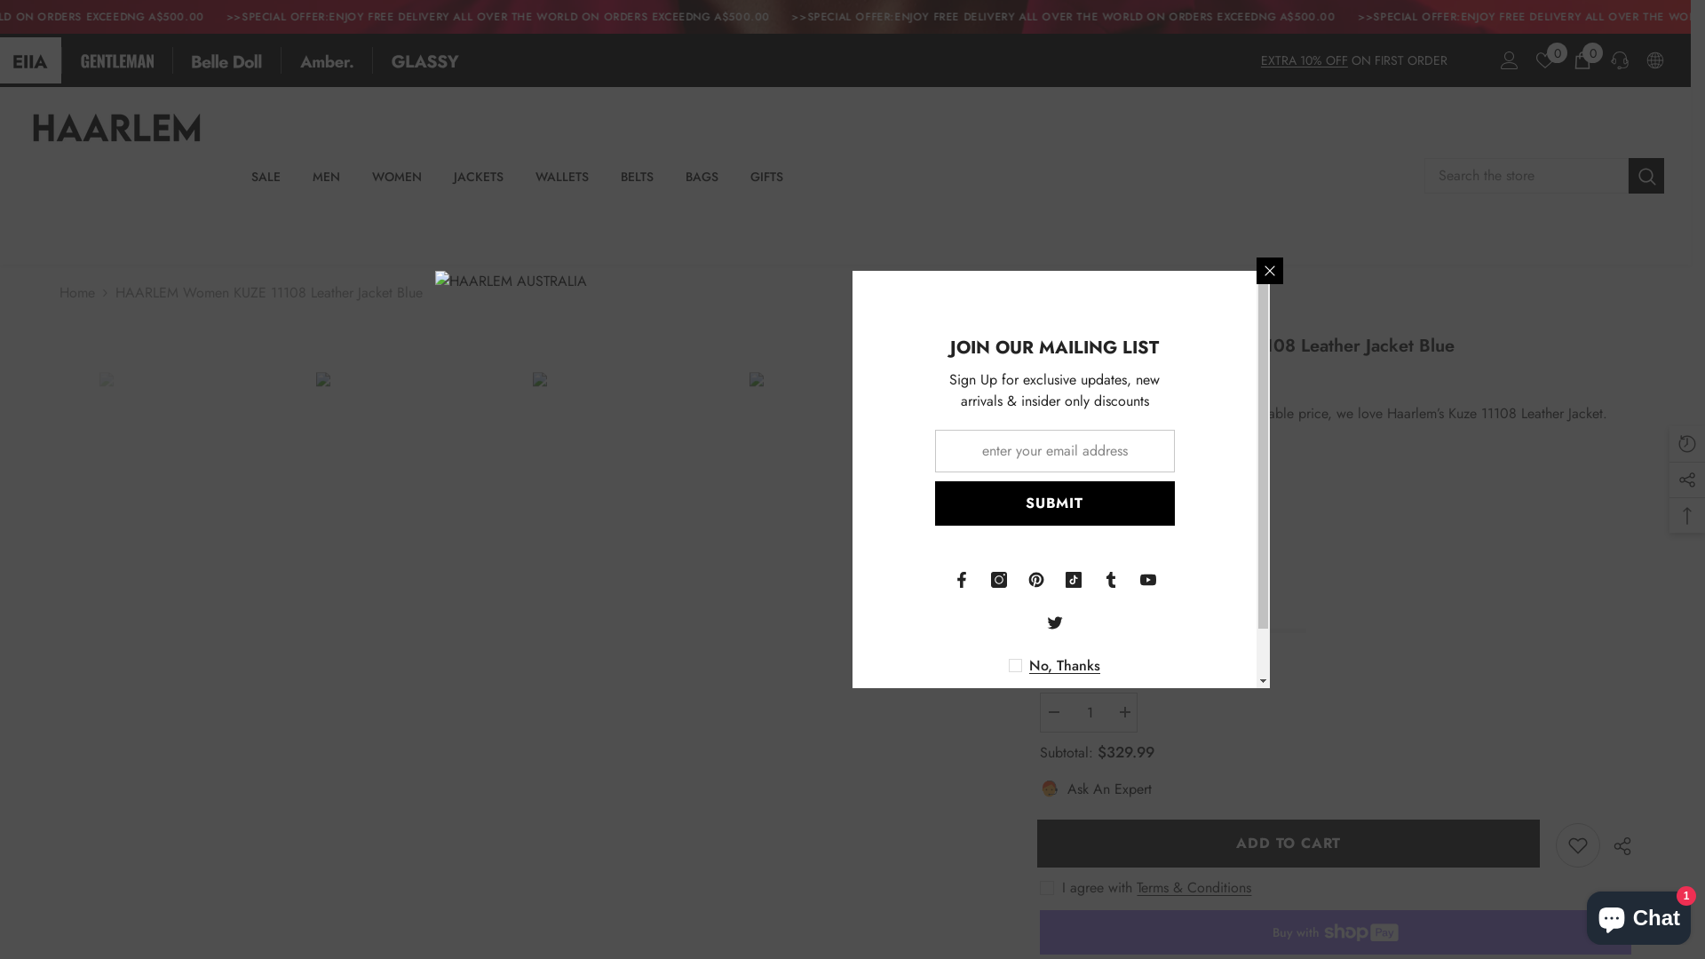  I want to click on 'Log in', so click(1508, 59).